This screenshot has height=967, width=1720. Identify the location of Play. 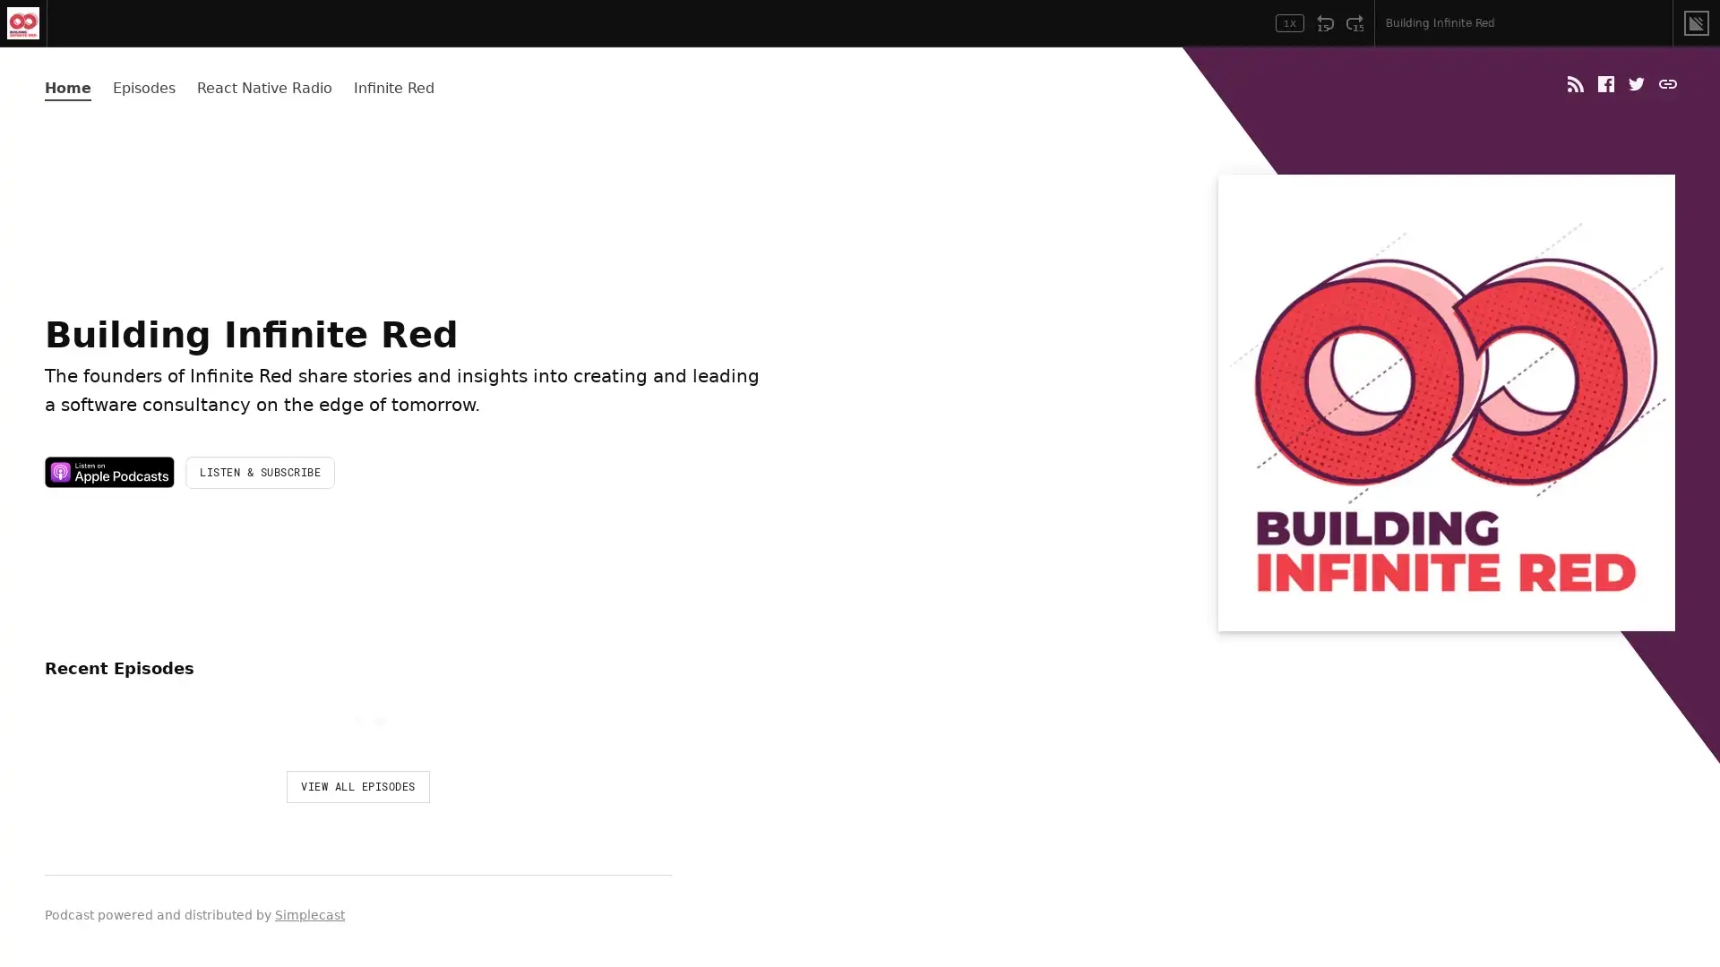
(68, 23).